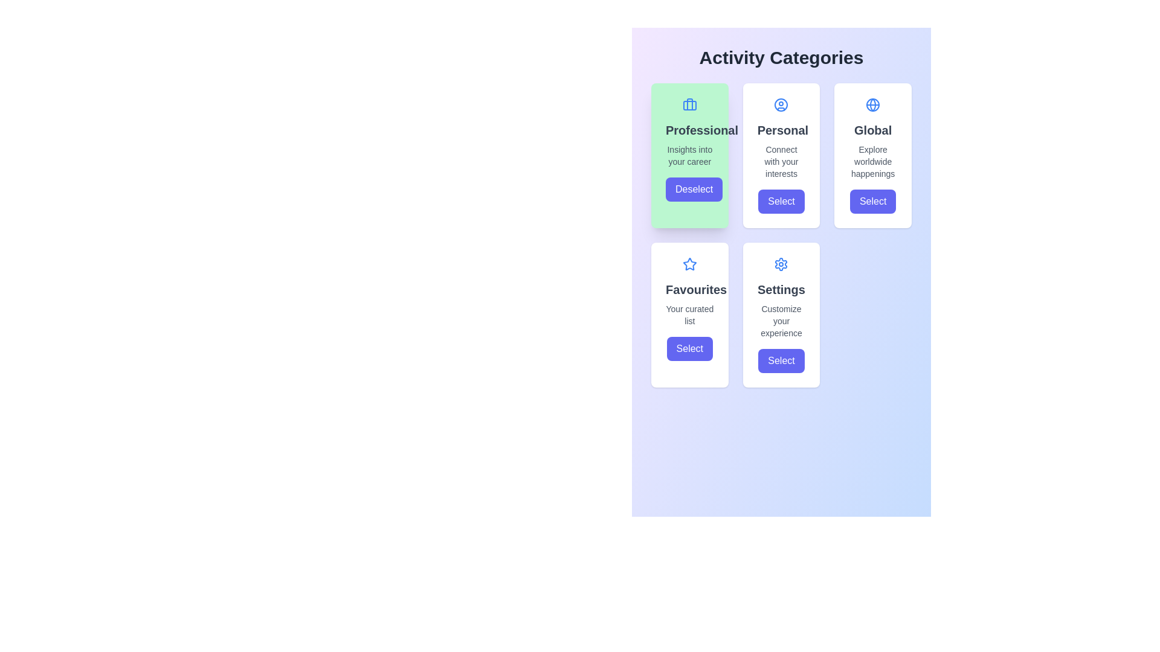 Image resolution: width=1160 pixels, height=652 pixels. Describe the element at coordinates (781, 130) in the screenshot. I see `the bold, center-aligned text element that reads 'Personal', located within a card in the second column of the first row of a grid layout` at that location.